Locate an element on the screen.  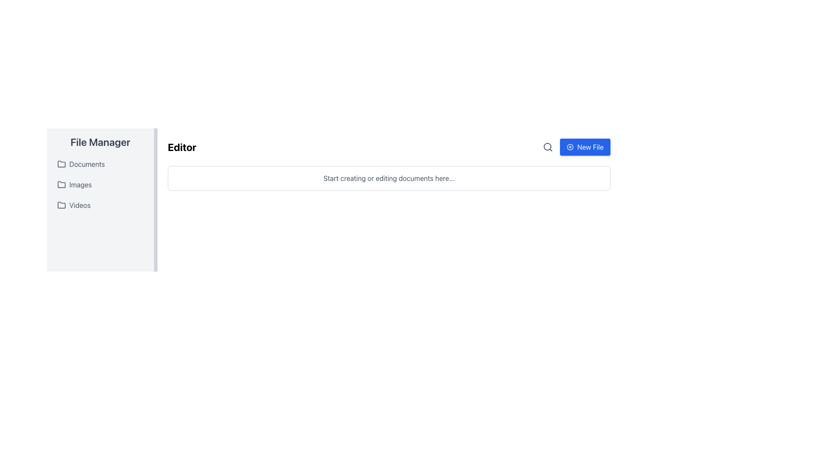
the 'File Manager' text label, which is a large, bold, dark-gray header located at the top of the left sidebar is located at coordinates (100, 141).